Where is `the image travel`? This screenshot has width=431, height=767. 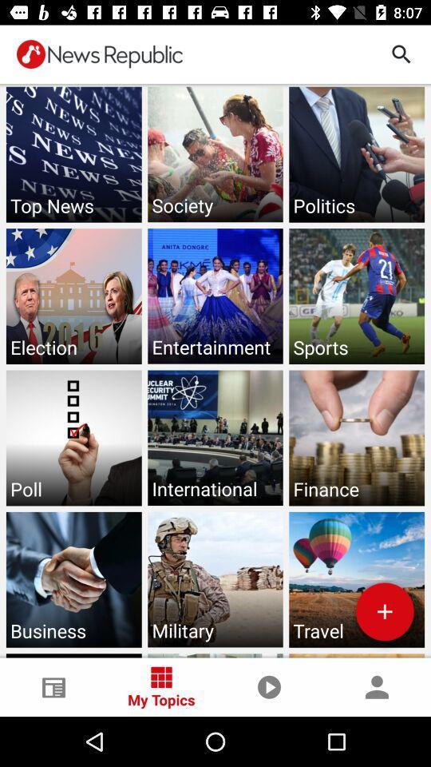 the image travel is located at coordinates (357, 578).